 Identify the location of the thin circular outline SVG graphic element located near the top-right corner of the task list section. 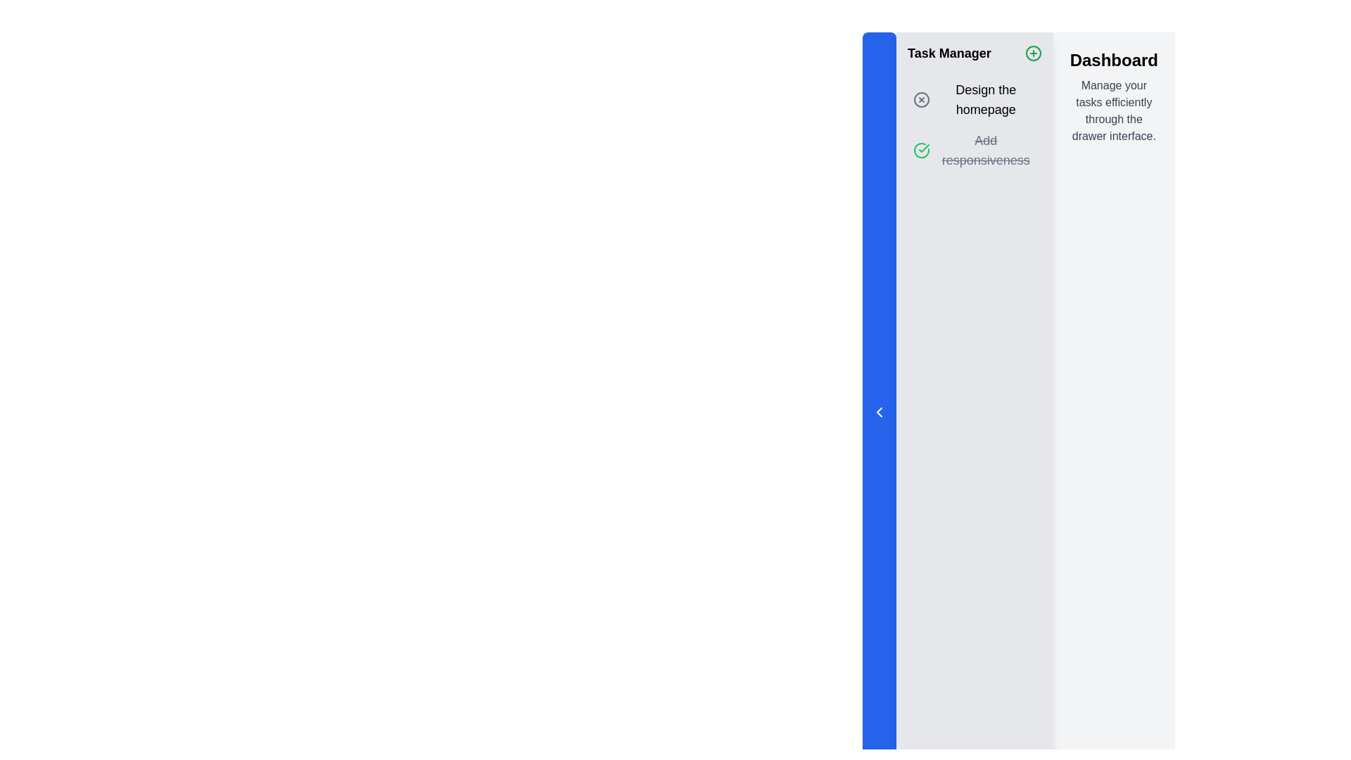
(1033, 53).